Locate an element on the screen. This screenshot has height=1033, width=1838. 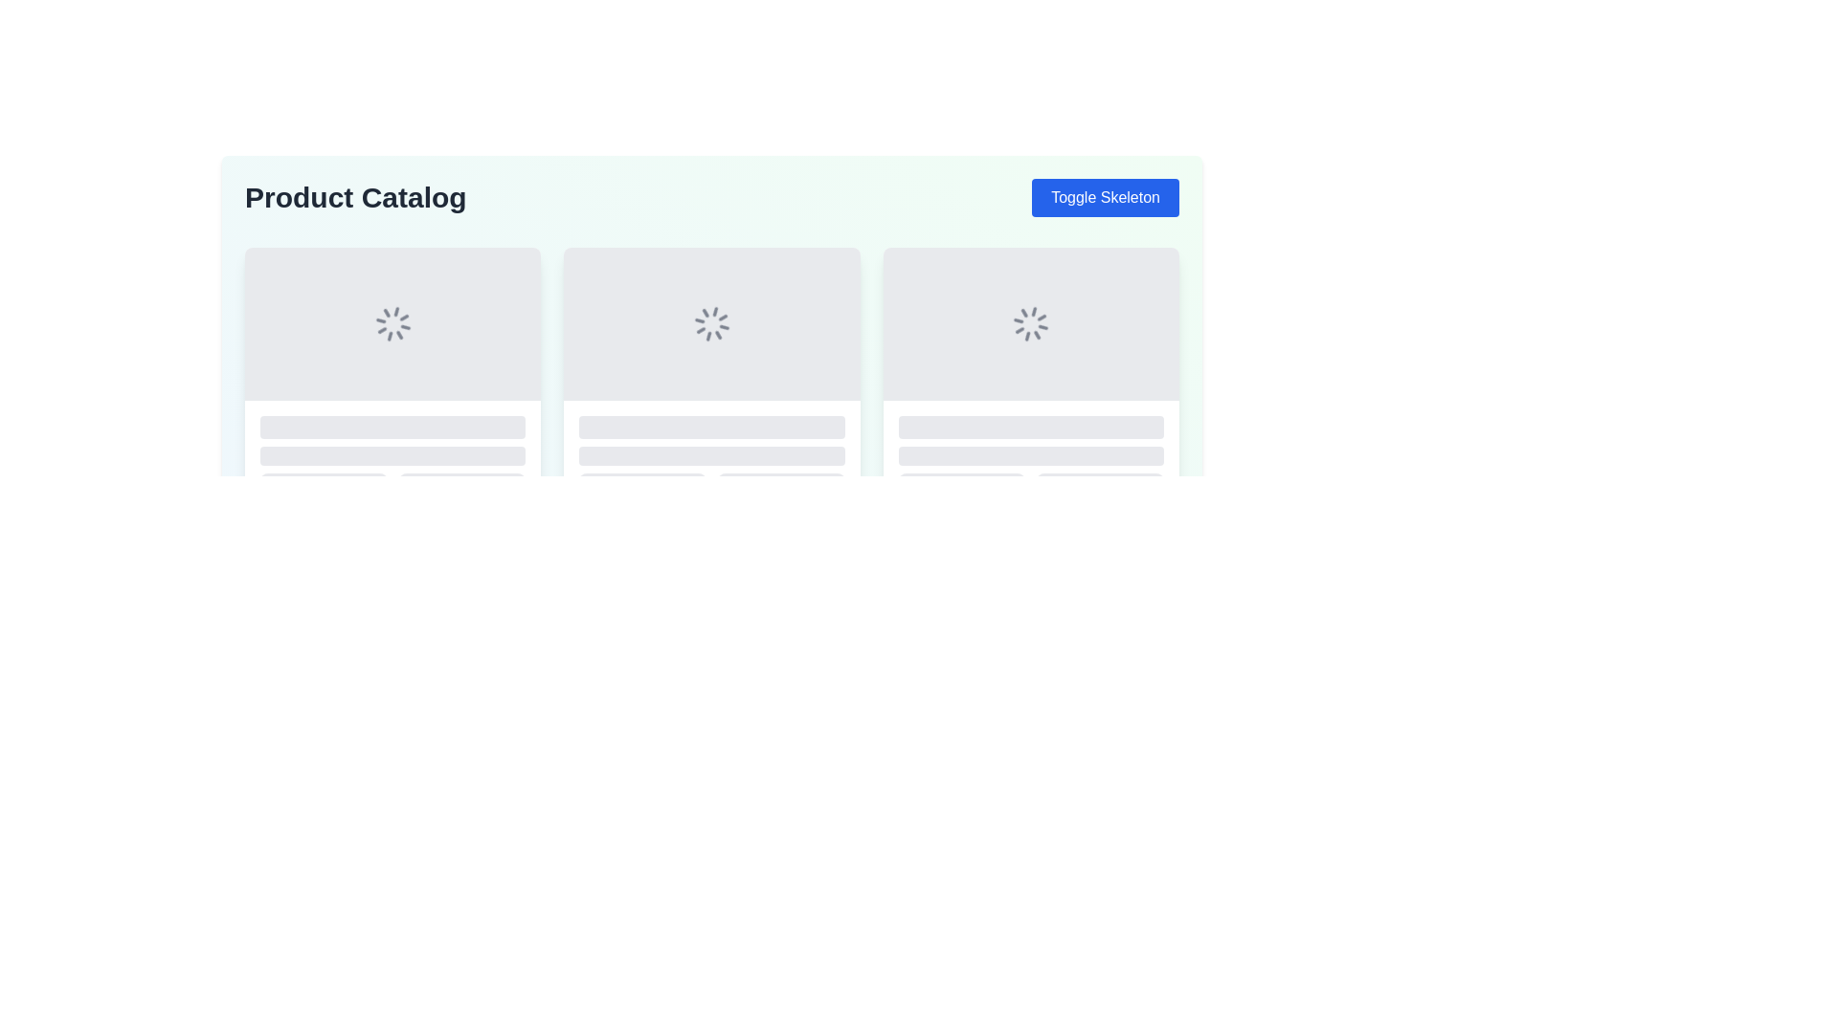
the loading placeholder, which is a rectangular interactive bar with rounded corners and a light gray background, located at the bottom section of the center card in a three-card horizontal layout is located at coordinates (642, 479).